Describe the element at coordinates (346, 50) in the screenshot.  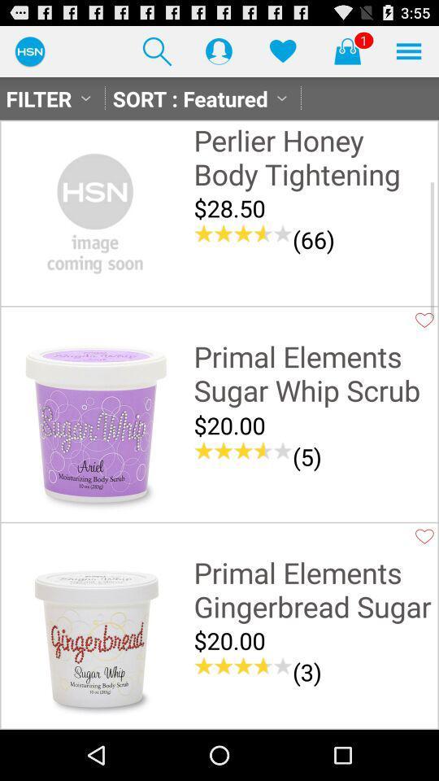
I see `shopping bag` at that location.